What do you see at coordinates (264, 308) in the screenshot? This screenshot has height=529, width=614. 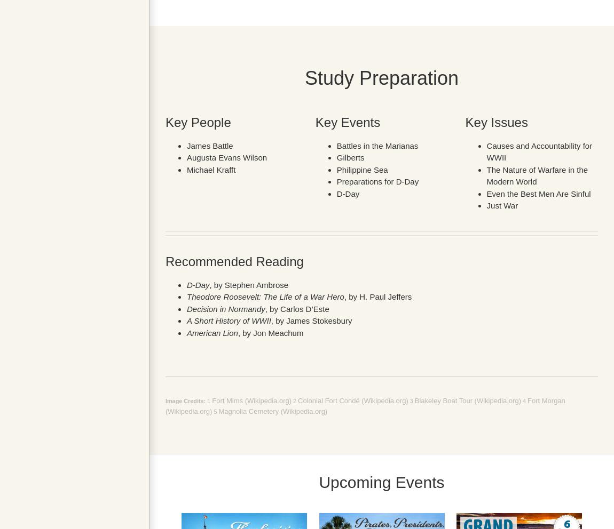 I see `', by Carlos D’Este'` at bounding box center [264, 308].